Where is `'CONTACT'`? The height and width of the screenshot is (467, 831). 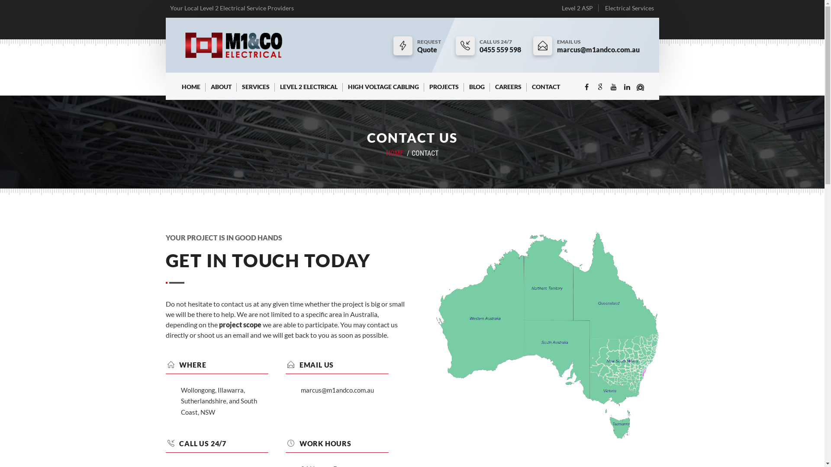
'CONTACT' is located at coordinates (545, 90).